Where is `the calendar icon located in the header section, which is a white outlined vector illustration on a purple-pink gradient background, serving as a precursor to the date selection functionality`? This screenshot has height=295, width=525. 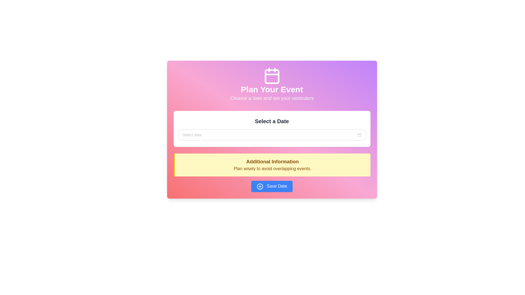 the calendar icon located in the header section, which is a white outlined vector illustration on a purple-pink gradient background, serving as a precursor to the date selection functionality is located at coordinates (359, 135).